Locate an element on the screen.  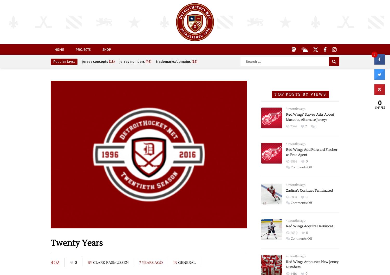
'Shares' is located at coordinates (380, 107).